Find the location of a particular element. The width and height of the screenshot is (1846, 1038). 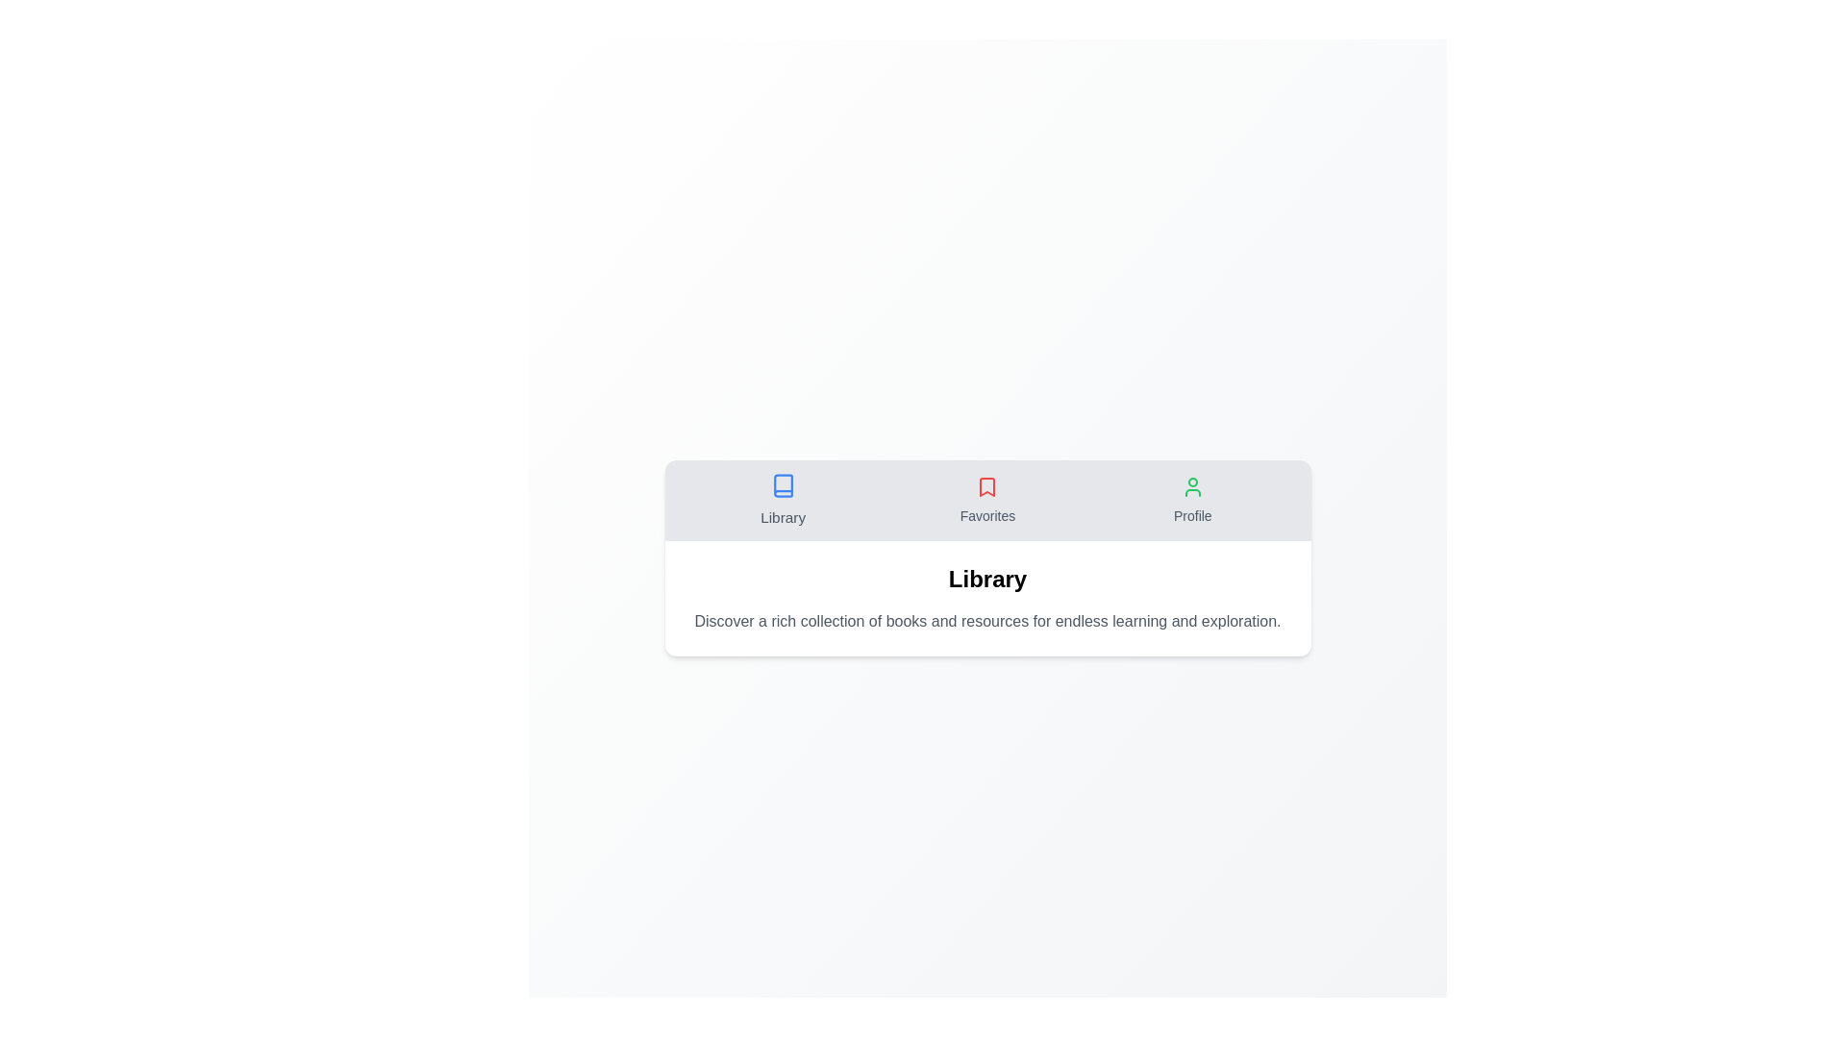

the tab labeled Library is located at coordinates (783, 499).